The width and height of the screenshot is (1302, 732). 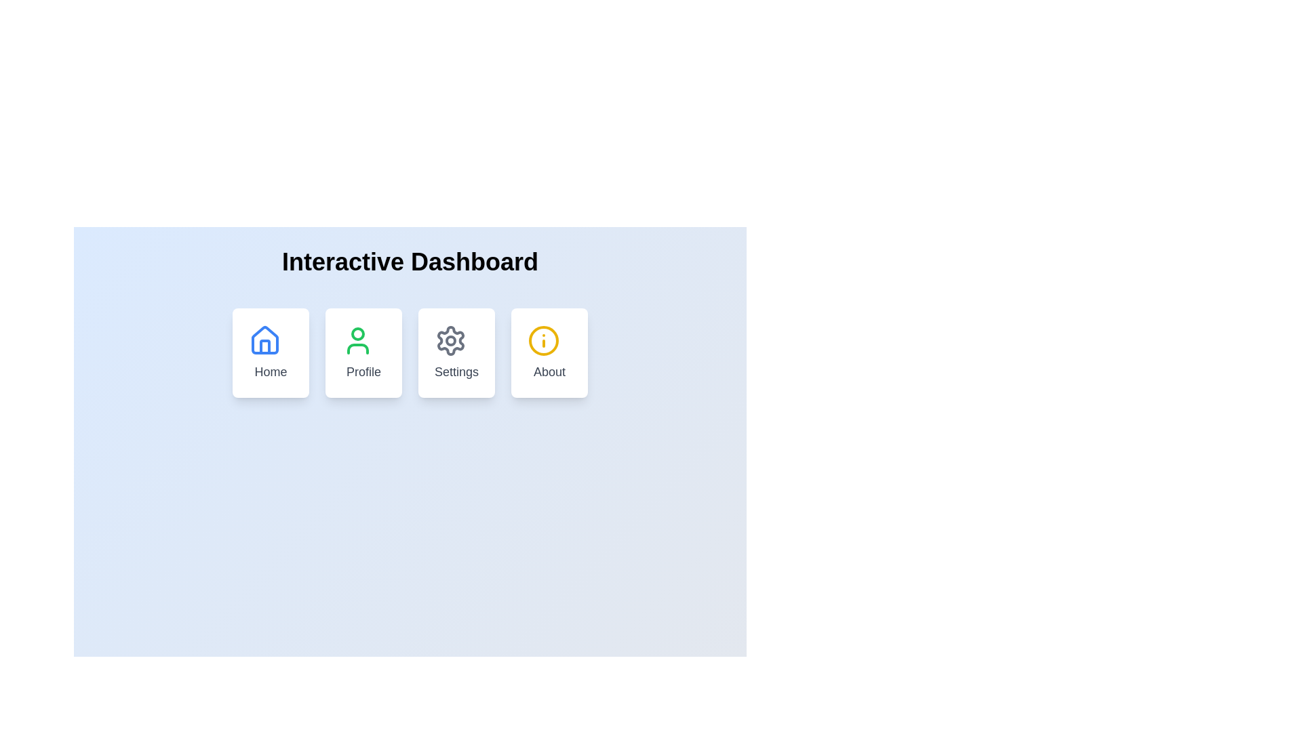 I want to click on the settings icon located at the top-center of the 'Settings' card, which visually represents a settings or configuration feature, so click(x=451, y=340).